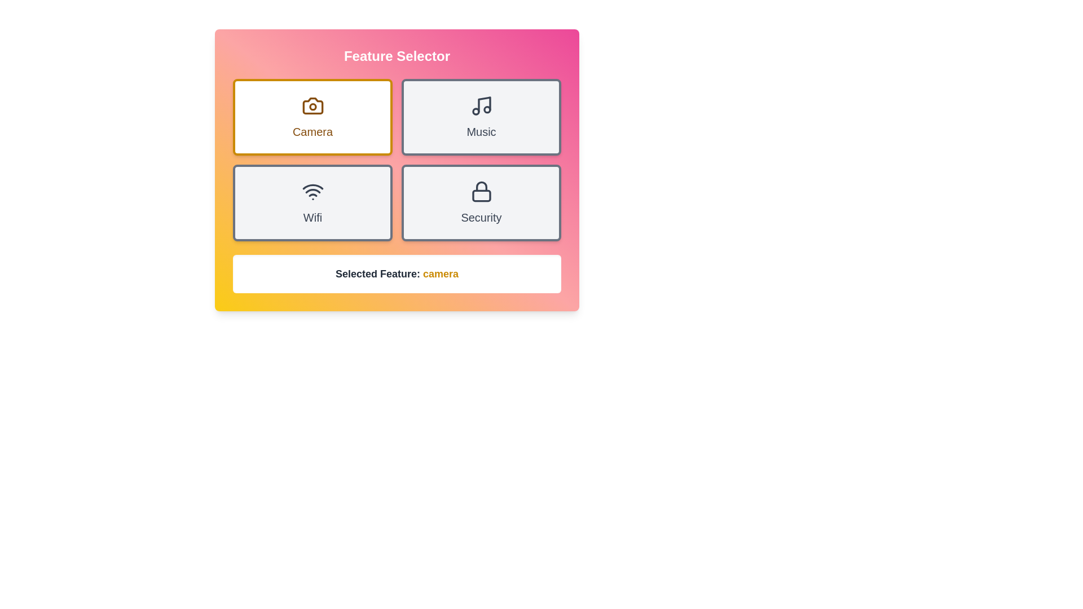 The image size is (1083, 609). Describe the element at coordinates (487, 109) in the screenshot. I see `the rightmost circular Decorative Icon Element within the 'Music' card located in the top-right quadrant of the interface` at that location.